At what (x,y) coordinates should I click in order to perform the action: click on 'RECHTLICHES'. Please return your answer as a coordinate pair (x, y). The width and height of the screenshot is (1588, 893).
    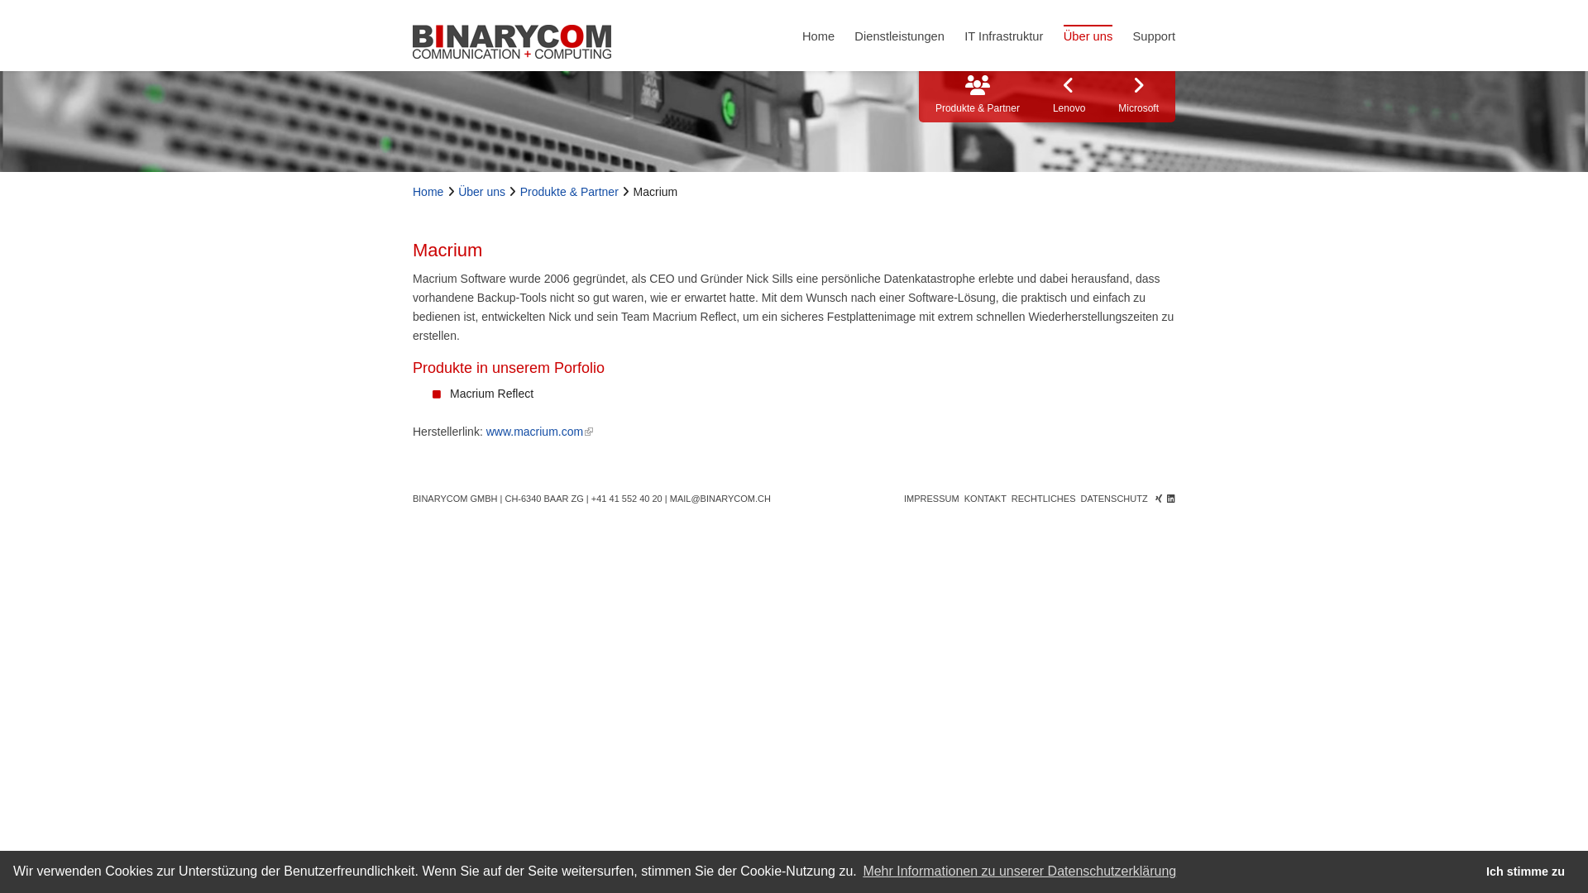
    Looking at the image, I should click on (1043, 497).